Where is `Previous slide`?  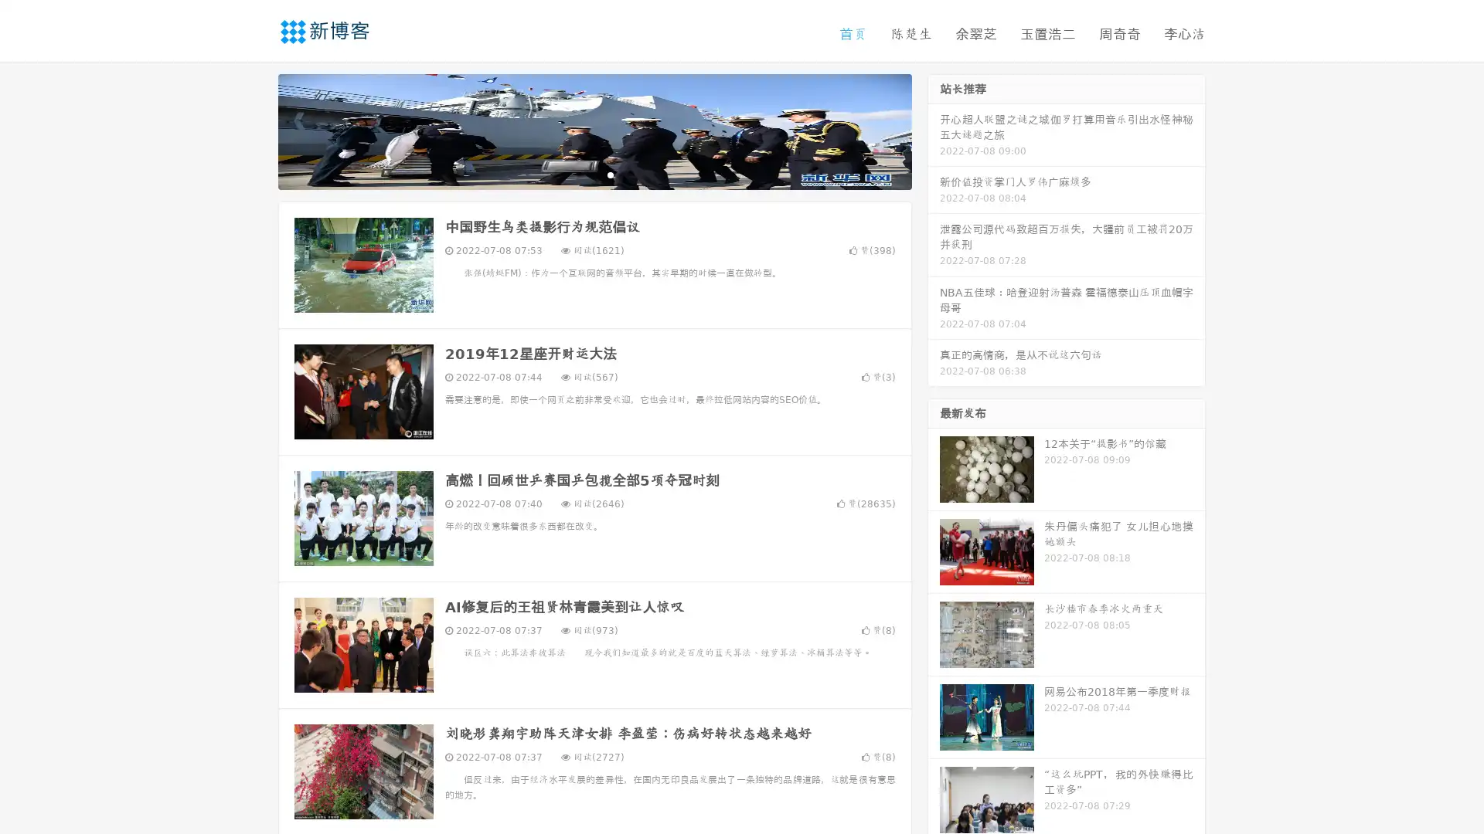
Previous slide is located at coordinates (255, 130).